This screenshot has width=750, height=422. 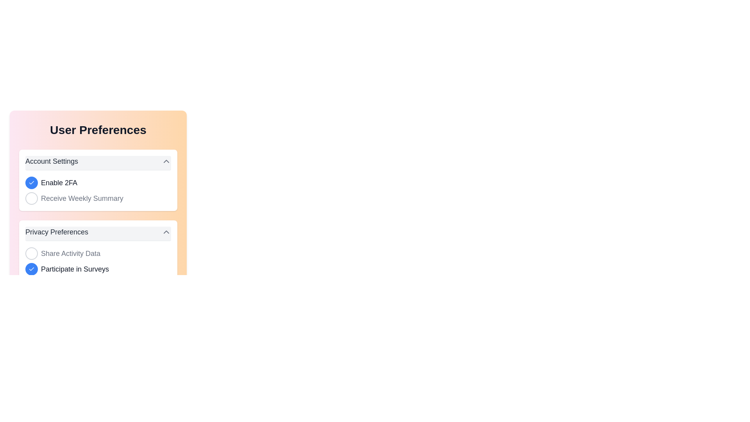 I want to click on the indicator or button-like UI component, so click(x=31, y=182).